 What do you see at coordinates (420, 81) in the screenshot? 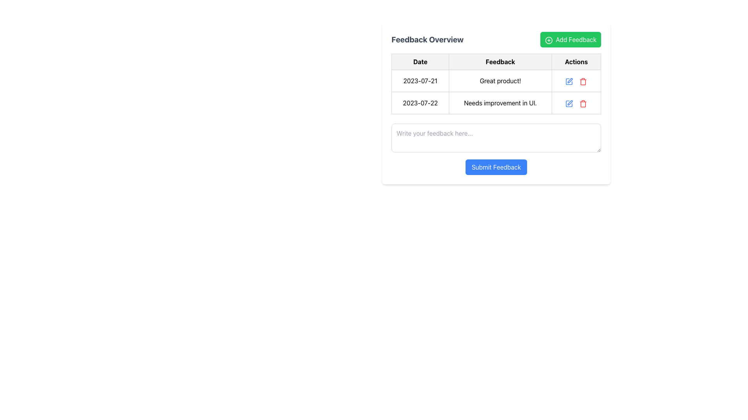
I see `the static text field displaying the date '2023-07-21' located in the 'Feedback Overview' section under the 'Date' column in the first row` at bounding box center [420, 81].